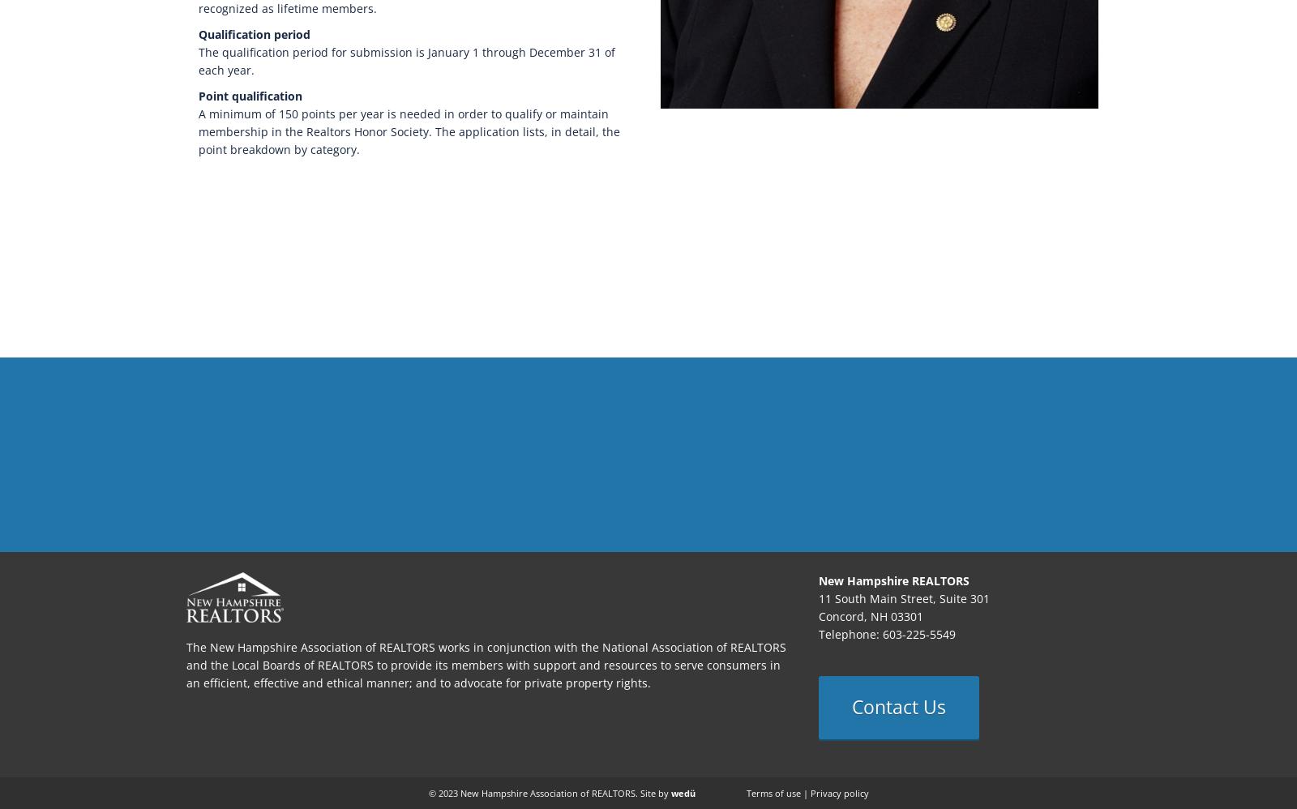 This screenshot has height=809, width=1297. I want to click on '11 South Main Street, Suite 301', so click(904, 598).